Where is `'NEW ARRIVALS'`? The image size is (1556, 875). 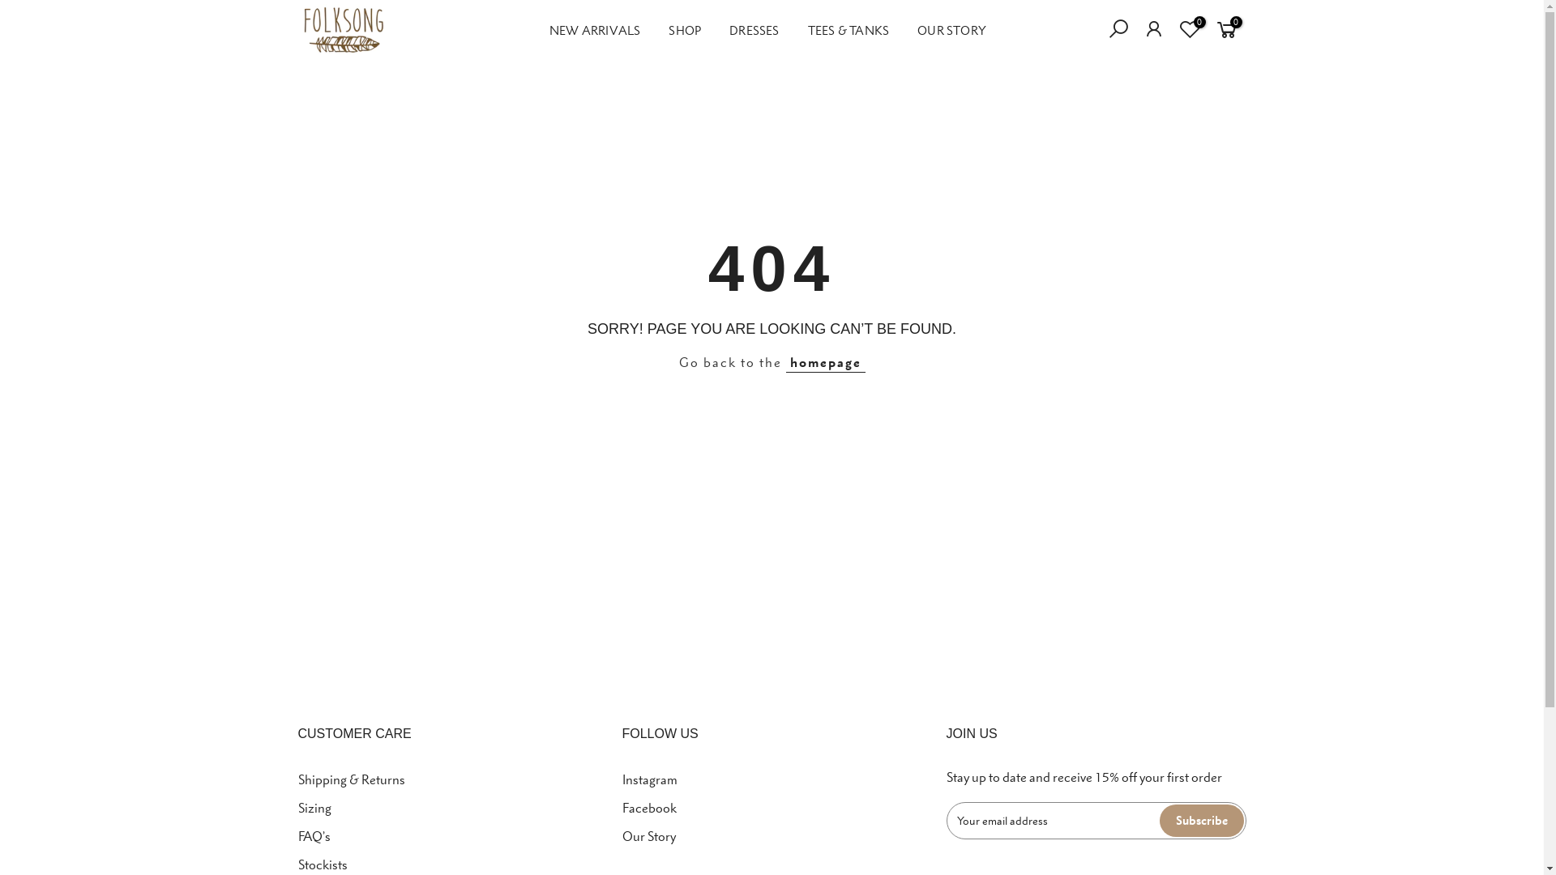
'NEW ARRIVALS' is located at coordinates (594, 30).